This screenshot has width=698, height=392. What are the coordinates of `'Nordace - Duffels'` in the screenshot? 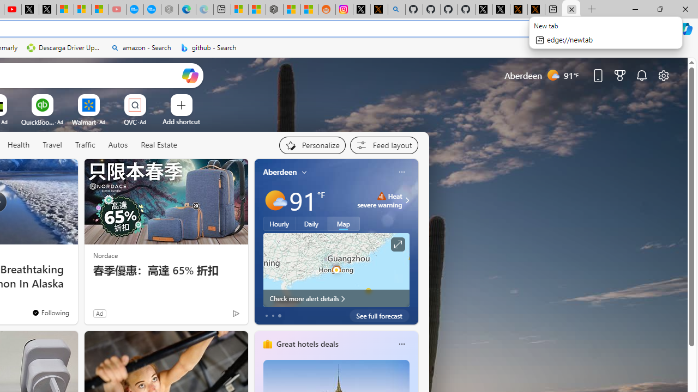 It's located at (274, 9).